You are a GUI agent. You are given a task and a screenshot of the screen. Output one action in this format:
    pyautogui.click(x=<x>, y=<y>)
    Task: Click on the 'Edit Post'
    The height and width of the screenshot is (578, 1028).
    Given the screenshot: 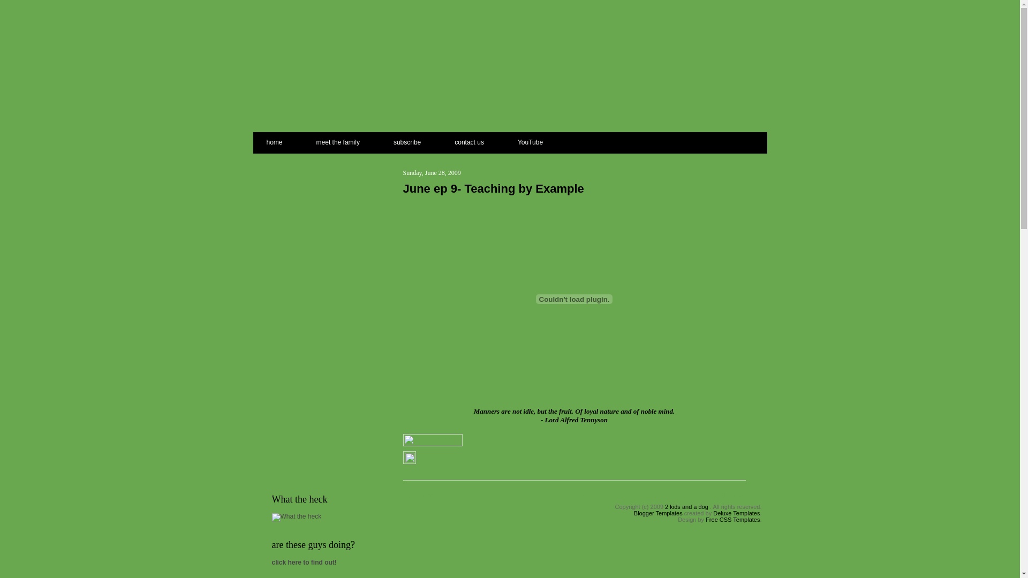 What is the action you would take?
    pyautogui.click(x=408, y=460)
    